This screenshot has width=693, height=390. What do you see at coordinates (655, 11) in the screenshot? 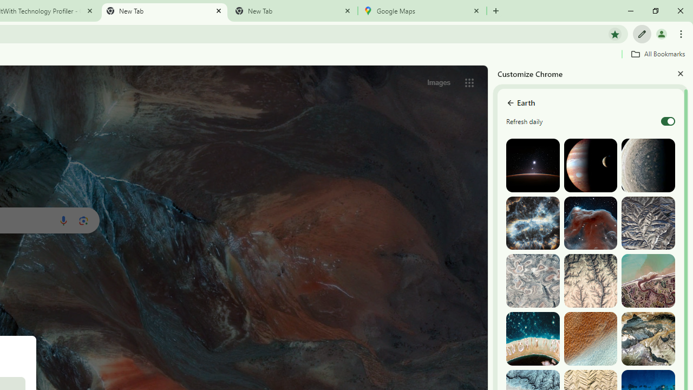
I see `'Restore'` at bounding box center [655, 11].